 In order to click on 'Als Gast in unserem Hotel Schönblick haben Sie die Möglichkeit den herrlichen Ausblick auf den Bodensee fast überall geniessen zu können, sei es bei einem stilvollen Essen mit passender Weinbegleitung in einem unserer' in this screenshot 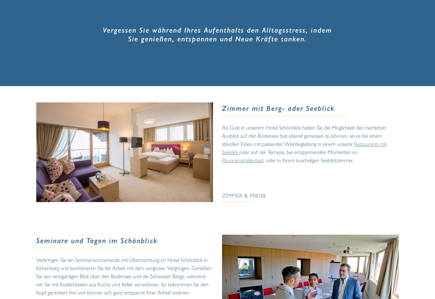, I will do `click(304, 135)`.